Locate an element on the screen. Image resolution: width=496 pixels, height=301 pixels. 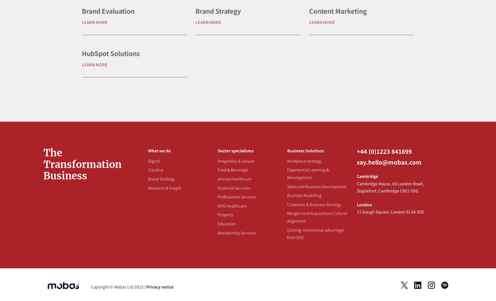
'Cambridge House, 65 London Road,' is located at coordinates (390, 183).